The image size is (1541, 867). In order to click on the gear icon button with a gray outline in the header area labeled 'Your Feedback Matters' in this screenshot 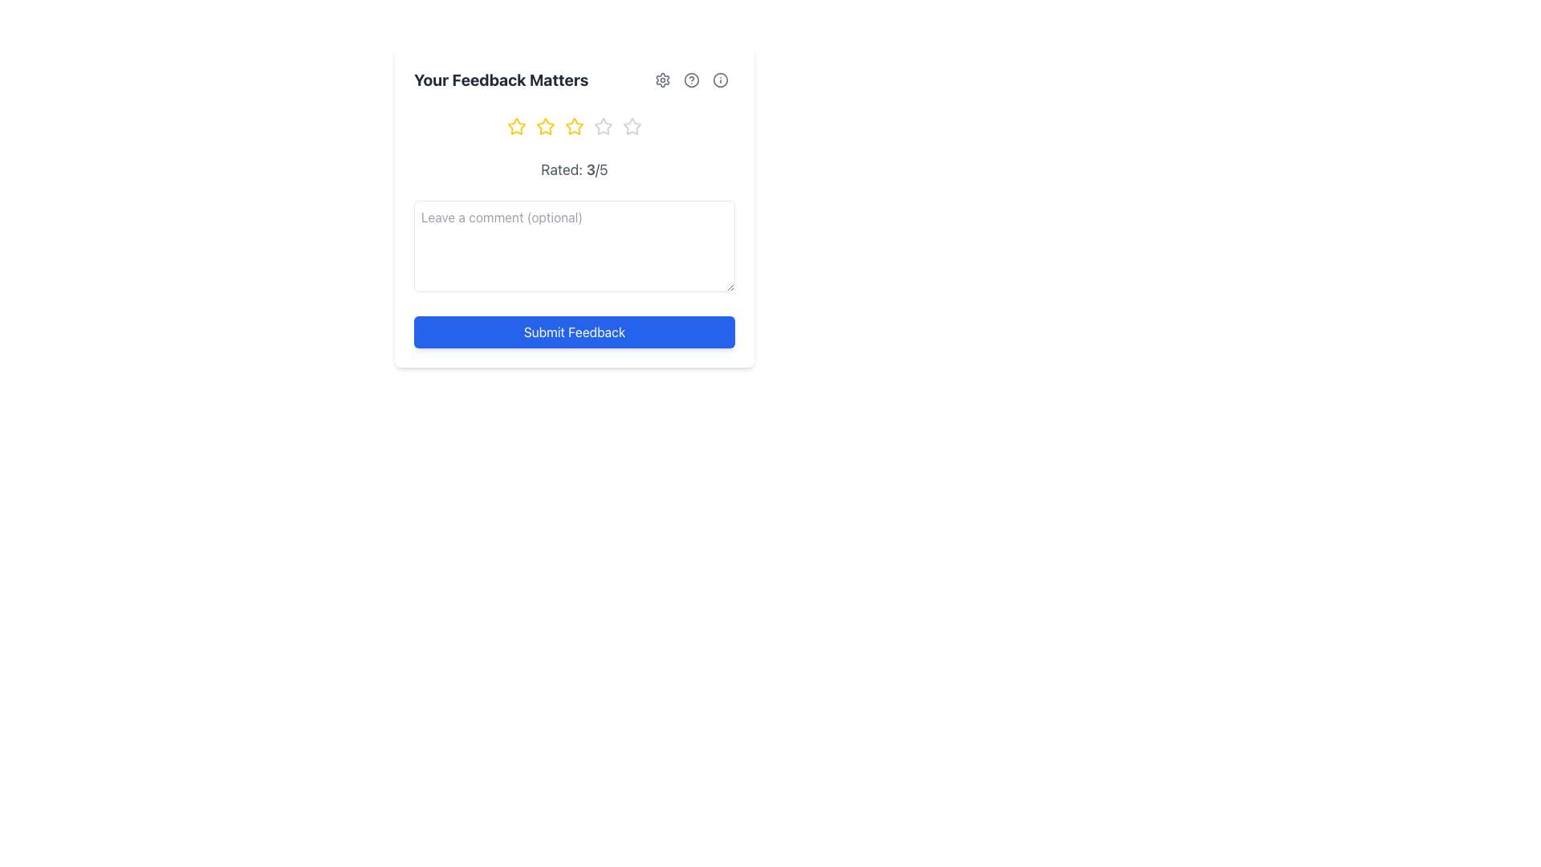, I will do `click(662, 80)`.